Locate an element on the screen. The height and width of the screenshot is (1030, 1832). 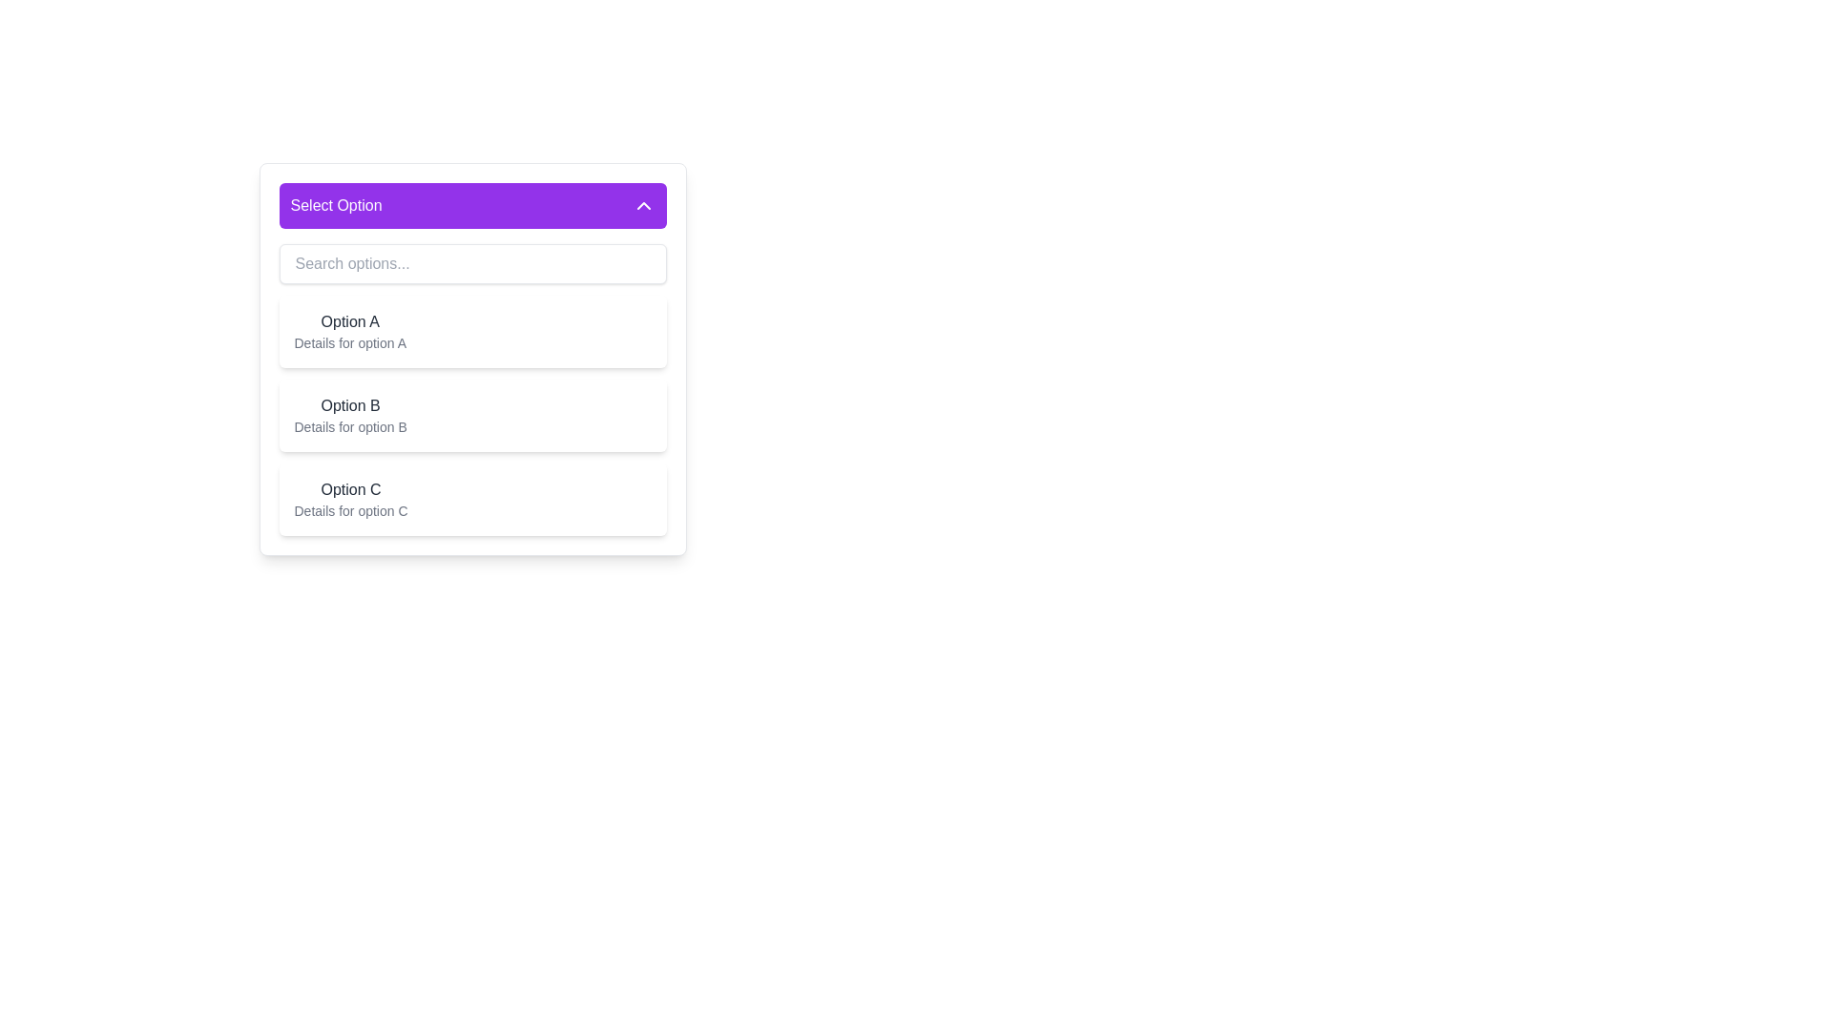
the static text label that provides additional information about 'Option C', positioned directly below the sibling text 'Option C' is located at coordinates (351, 510).